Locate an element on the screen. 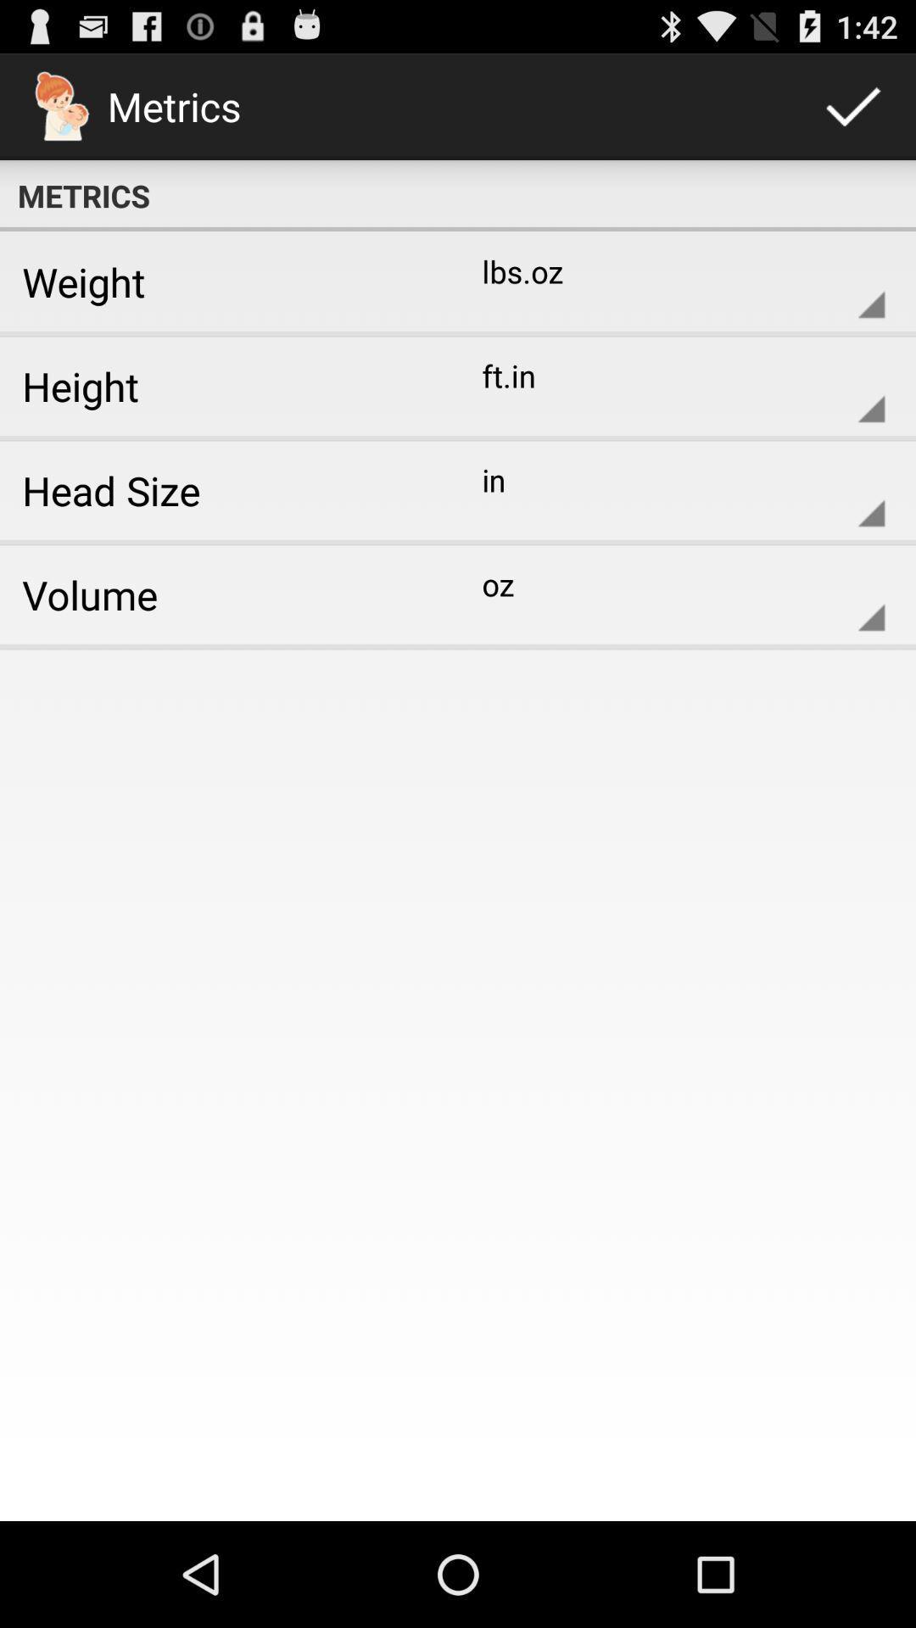  item next to the ft.in item is located at coordinates (222, 385).